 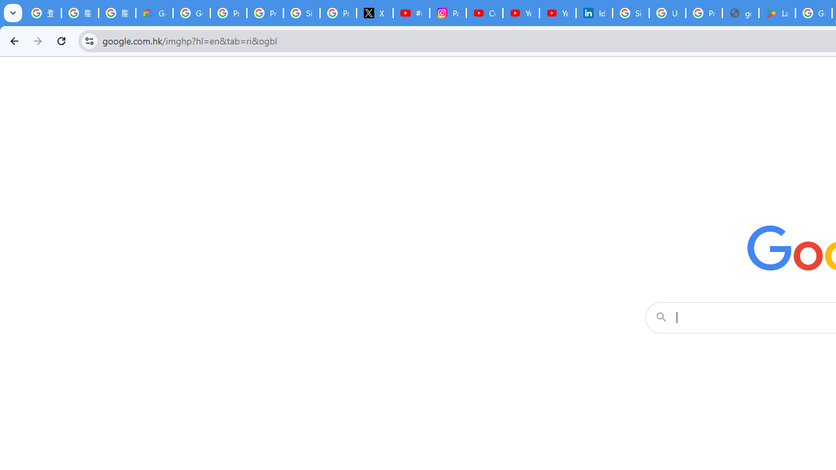 I want to click on '#nbabasketballhighlights - YouTube', so click(x=410, y=13).